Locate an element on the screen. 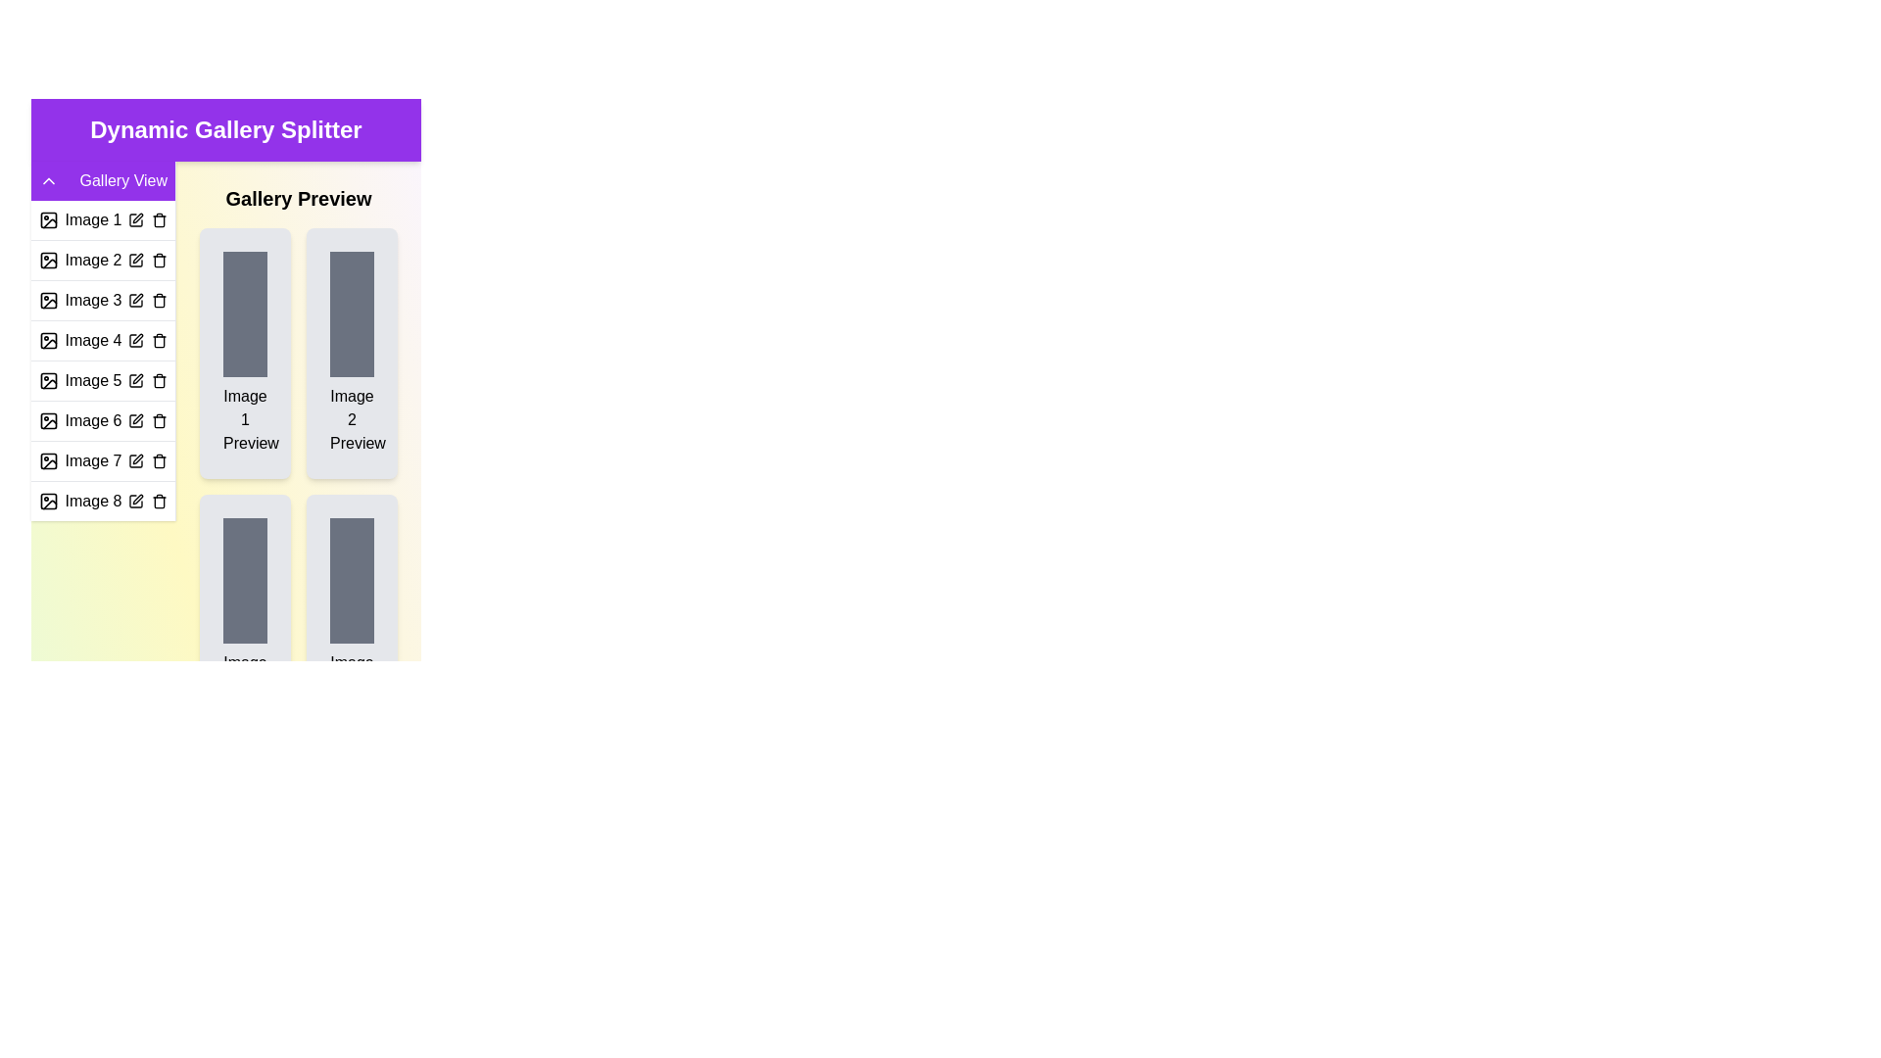  the pencil icon in the icon button group located next to the label 'Image 2' is located at coordinates (146, 260).